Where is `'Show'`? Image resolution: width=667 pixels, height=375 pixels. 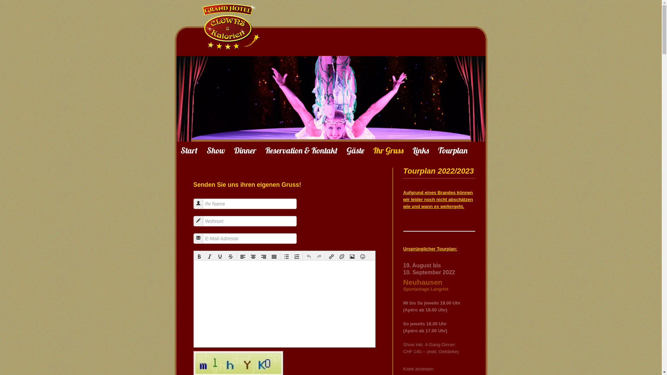 'Show' is located at coordinates (215, 150).